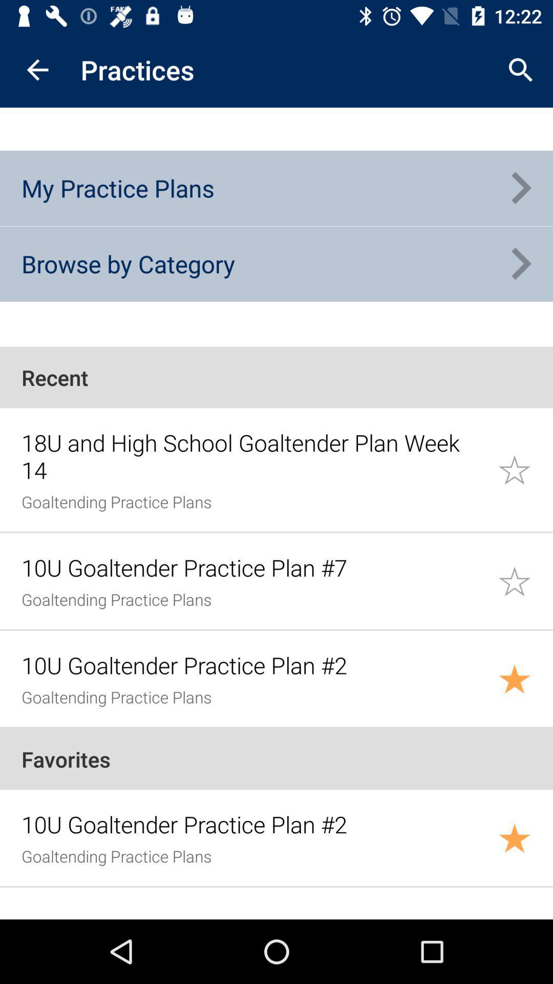  I want to click on mark as favorite, so click(525, 679).